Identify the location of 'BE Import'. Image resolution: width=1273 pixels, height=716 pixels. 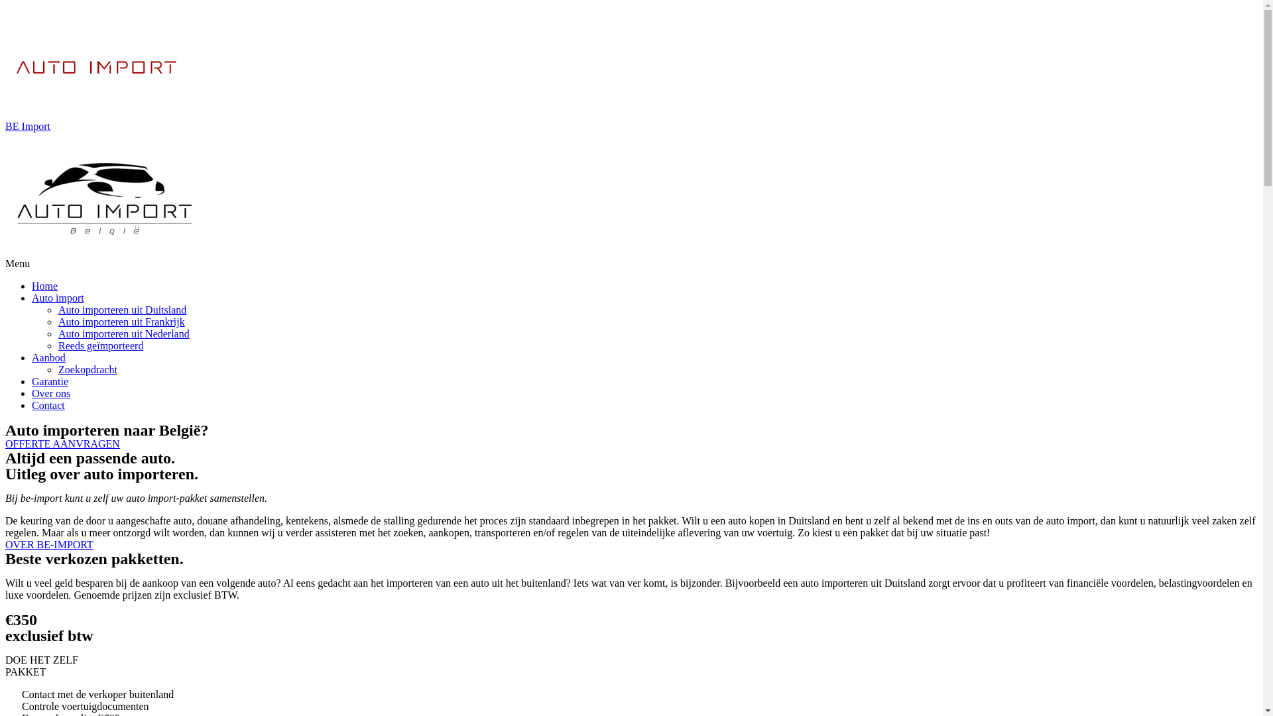
(5, 126).